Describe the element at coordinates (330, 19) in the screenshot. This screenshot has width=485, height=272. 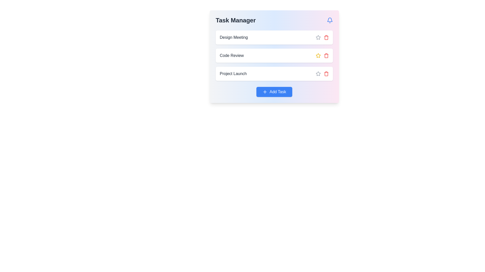
I see `the bell icon component located at the upper-right corner of the task manager interface, slightly below its topmost arc` at that location.